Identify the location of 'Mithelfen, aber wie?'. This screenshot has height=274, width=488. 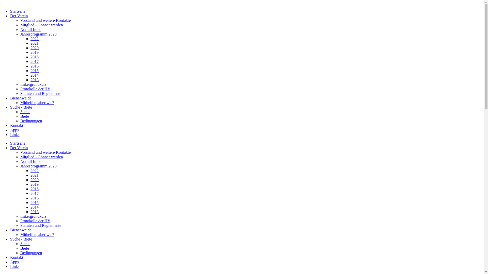
(37, 102).